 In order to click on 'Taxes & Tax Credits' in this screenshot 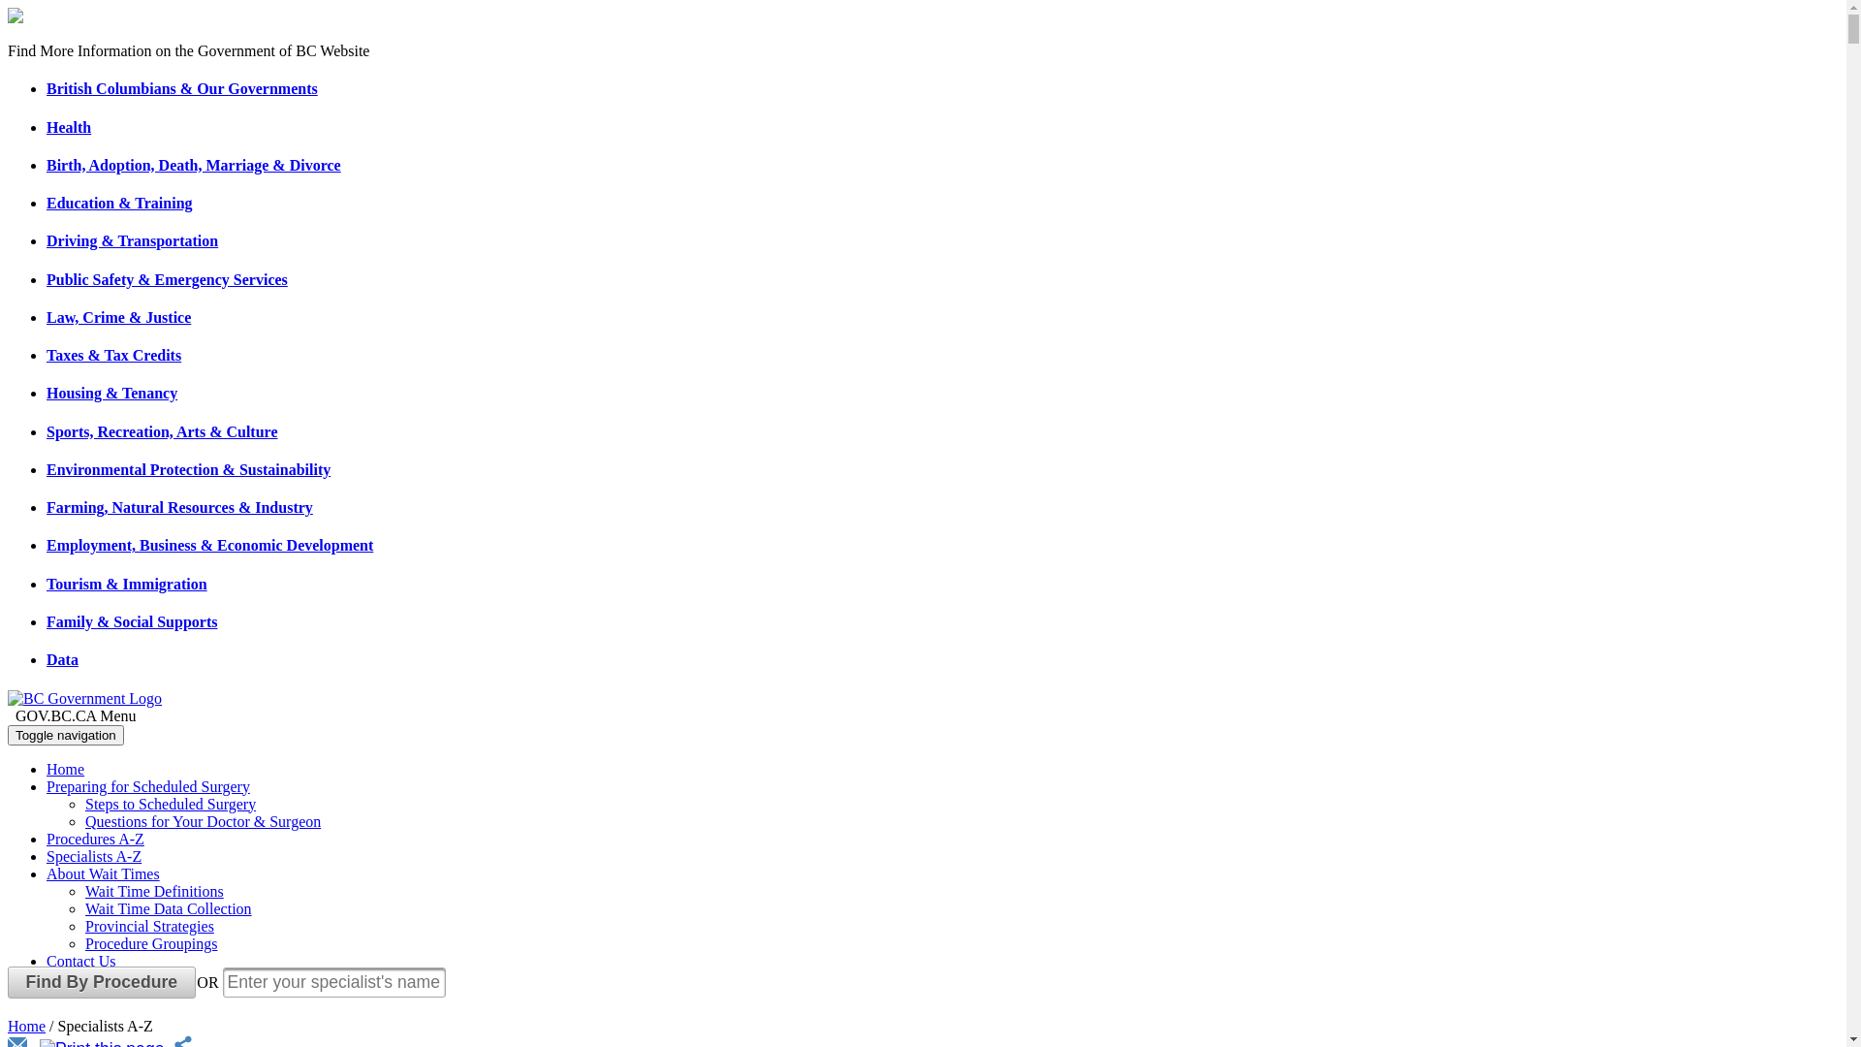, I will do `click(112, 355)`.